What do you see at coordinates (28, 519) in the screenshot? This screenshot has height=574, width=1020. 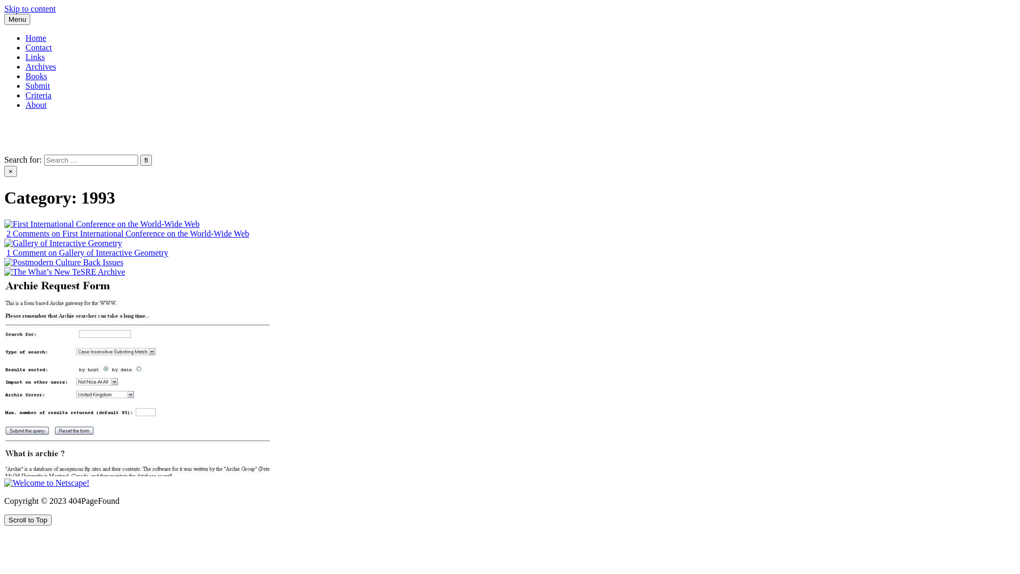 I see `'Scroll to Top'` at bounding box center [28, 519].